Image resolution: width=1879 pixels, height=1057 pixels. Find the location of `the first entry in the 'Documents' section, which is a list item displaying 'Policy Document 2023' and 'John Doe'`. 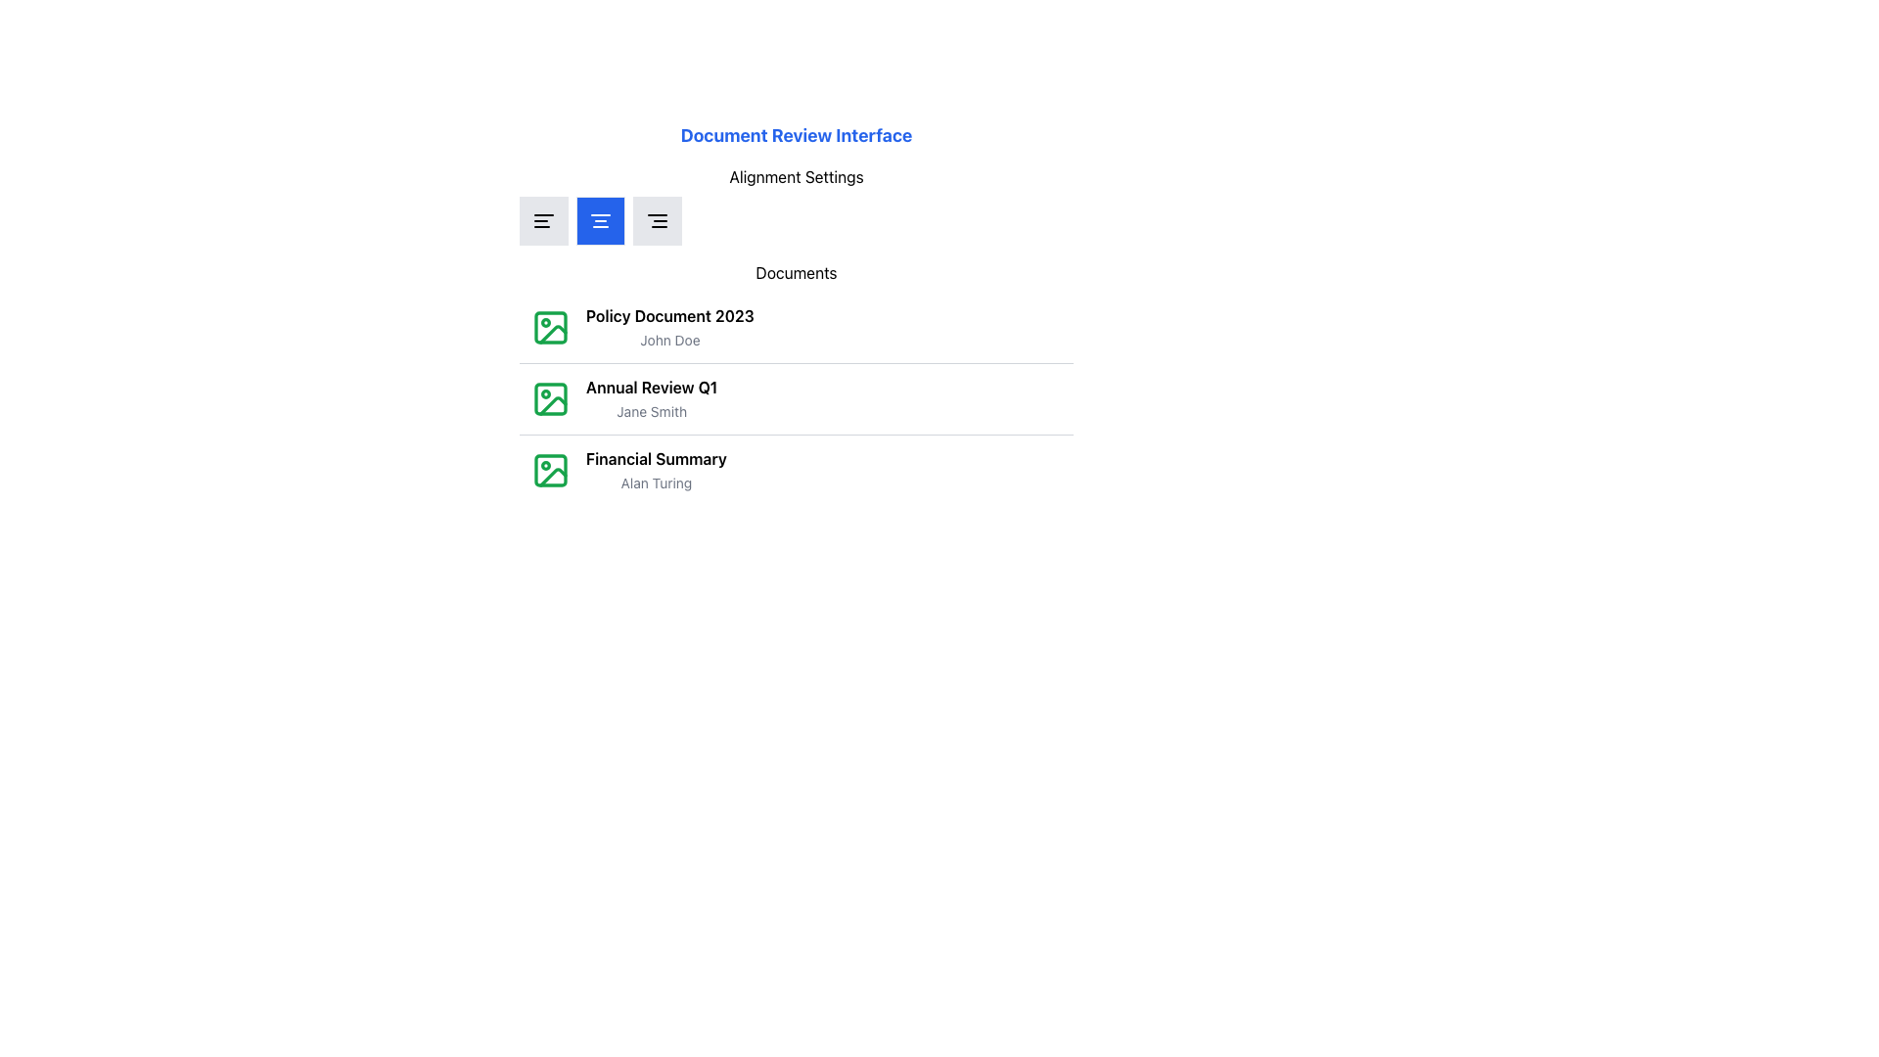

the first entry in the 'Documents' section, which is a list item displaying 'Policy Document 2023' and 'John Doe' is located at coordinates (669, 327).